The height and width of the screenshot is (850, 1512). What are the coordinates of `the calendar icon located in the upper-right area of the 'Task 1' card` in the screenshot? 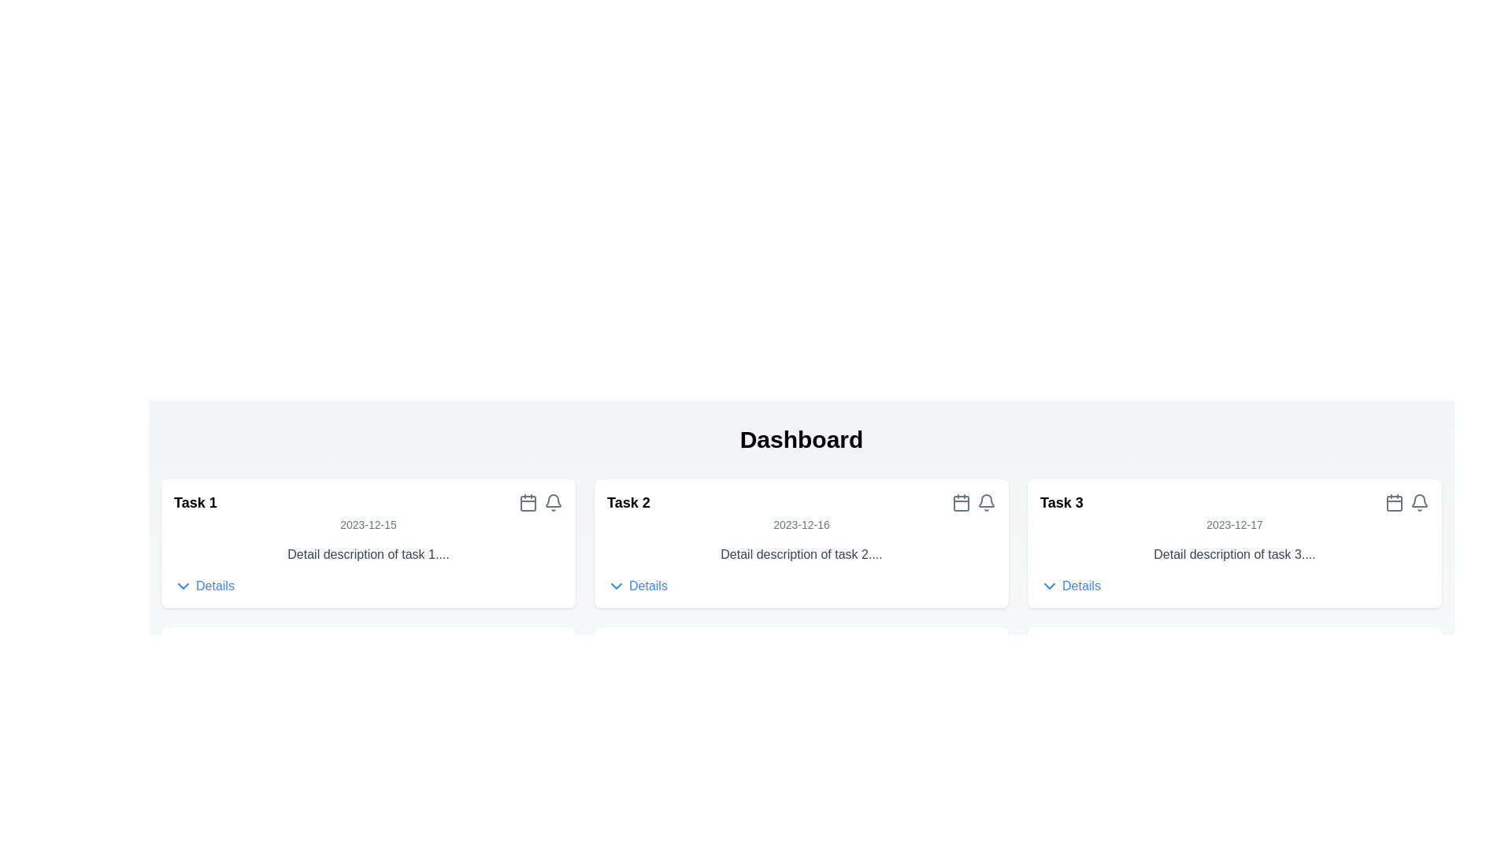 It's located at (540, 503).